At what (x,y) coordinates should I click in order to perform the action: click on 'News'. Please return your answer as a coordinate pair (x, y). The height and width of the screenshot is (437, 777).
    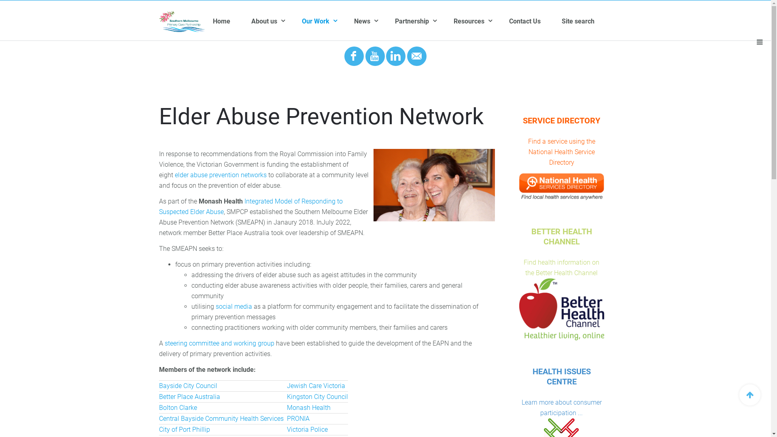
    Looking at the image, I should click on (354, 21).